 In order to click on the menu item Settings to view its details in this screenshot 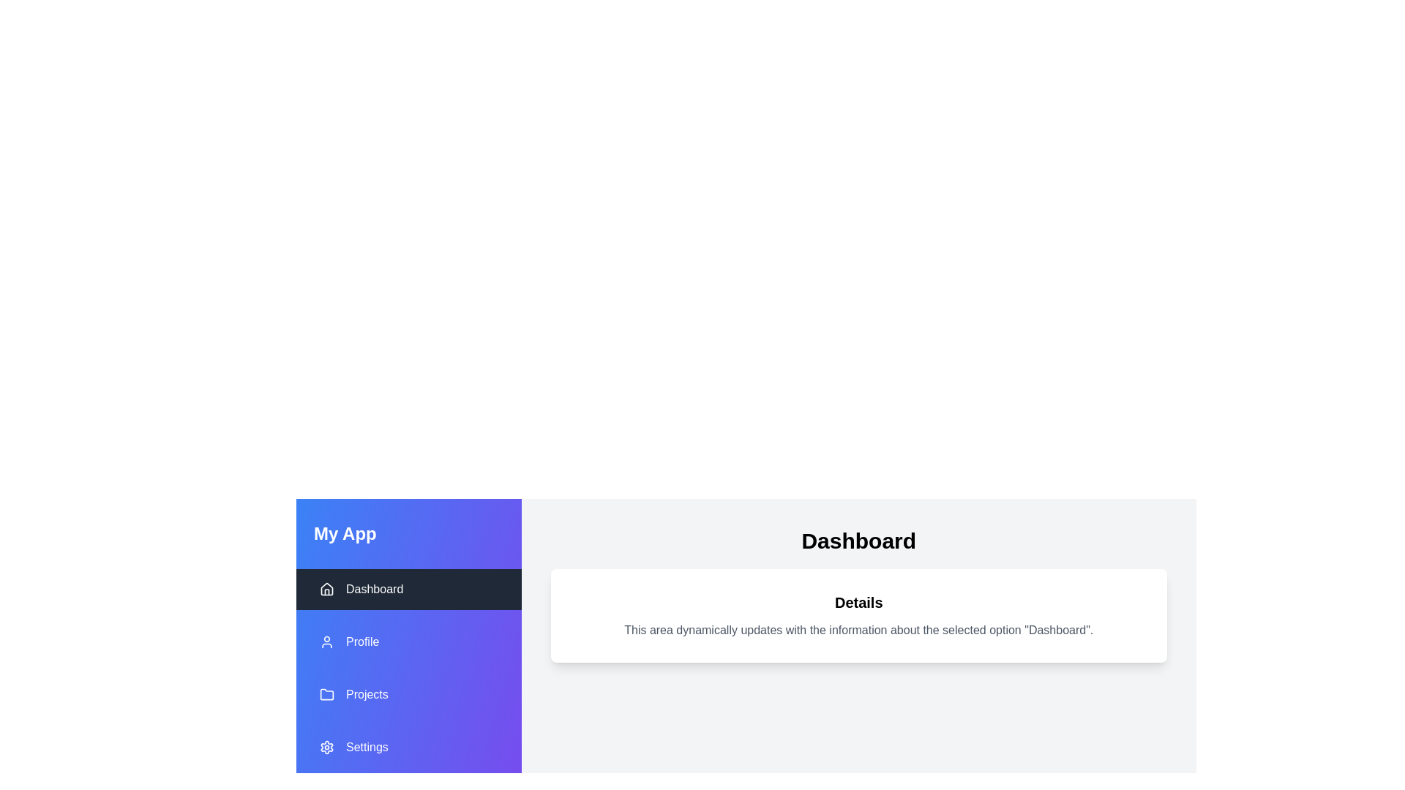, I will do `click(408, 748)`.